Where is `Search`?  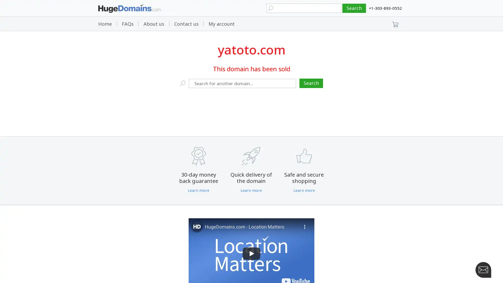 Search is located at coordinates (311, 83).